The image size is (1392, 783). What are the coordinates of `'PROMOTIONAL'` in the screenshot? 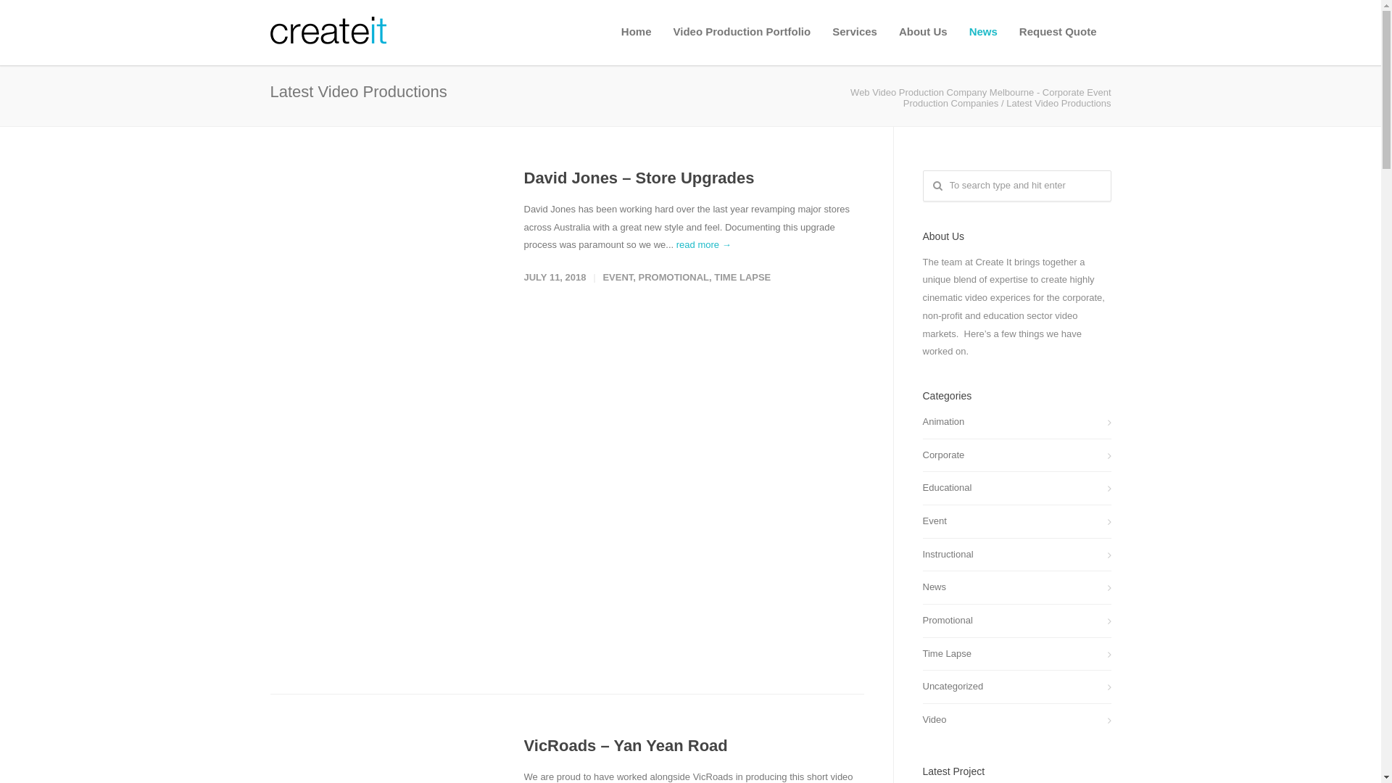 It's located at (638, 277).